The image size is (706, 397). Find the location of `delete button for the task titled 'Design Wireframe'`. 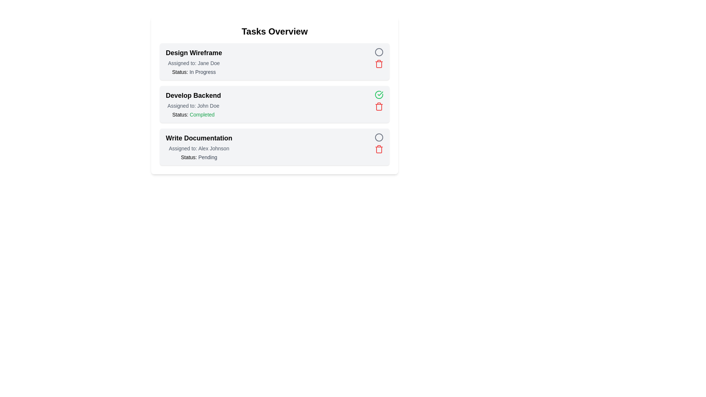

delete button for the task titled 'Design Wireframe' is located at coordinates (379, 63).